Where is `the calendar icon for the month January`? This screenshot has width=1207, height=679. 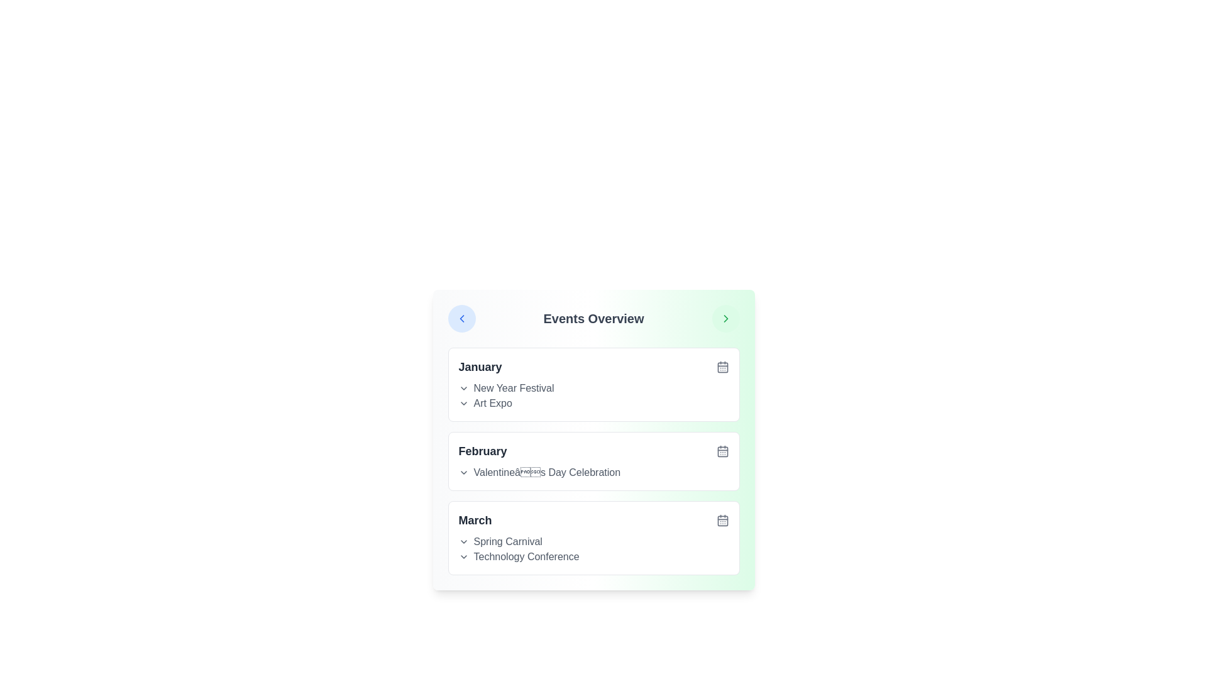
the calendar icon for the month January is located at coordinates (722, 367).